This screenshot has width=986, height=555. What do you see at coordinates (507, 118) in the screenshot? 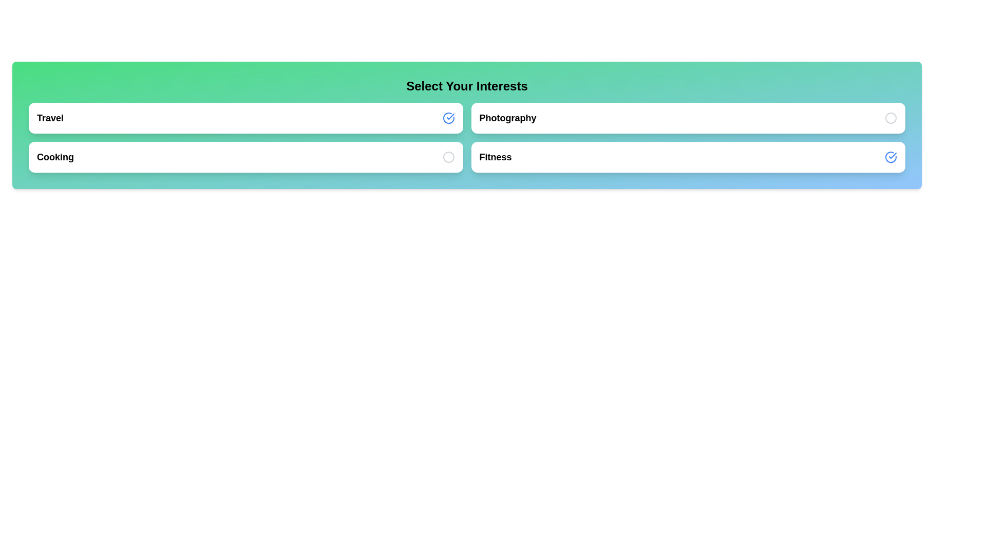
I see `the text label of Photography` at bounding box center [507, 118].